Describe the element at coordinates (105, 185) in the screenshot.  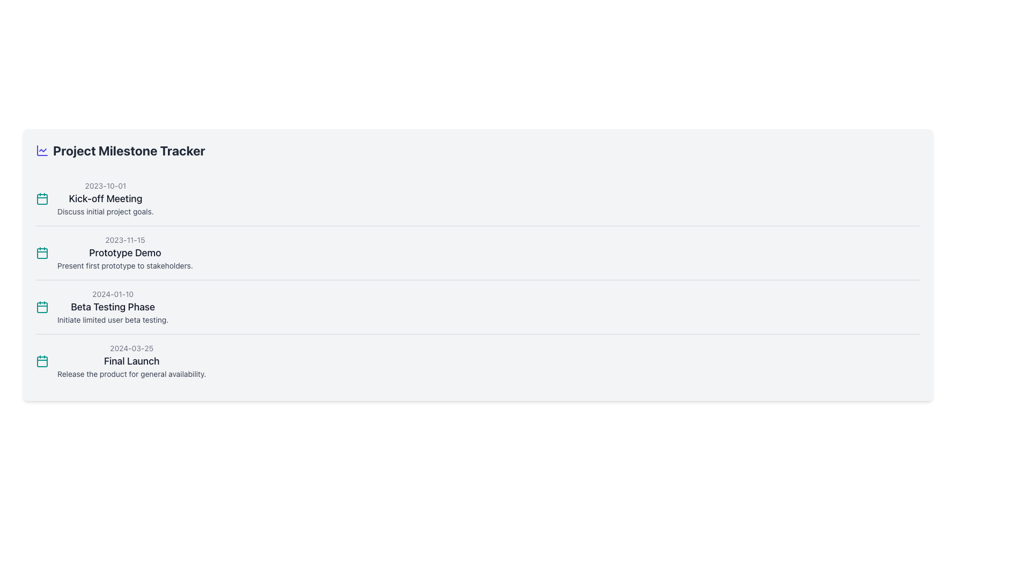
I see `the text label that provides a date reference for the 'Kick-off Meeting' event located in the top-left segment of the event detail group` at that location.